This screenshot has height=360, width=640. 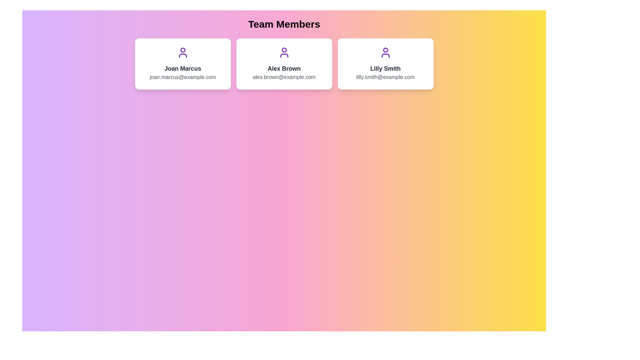 What do you see at coordinates (284, 68) in the screenshot?
I see `text label displaying 'Alex Brown', which is bold, dark gray, and centered within the middle card of the layout` at bounding box center [284, 68].